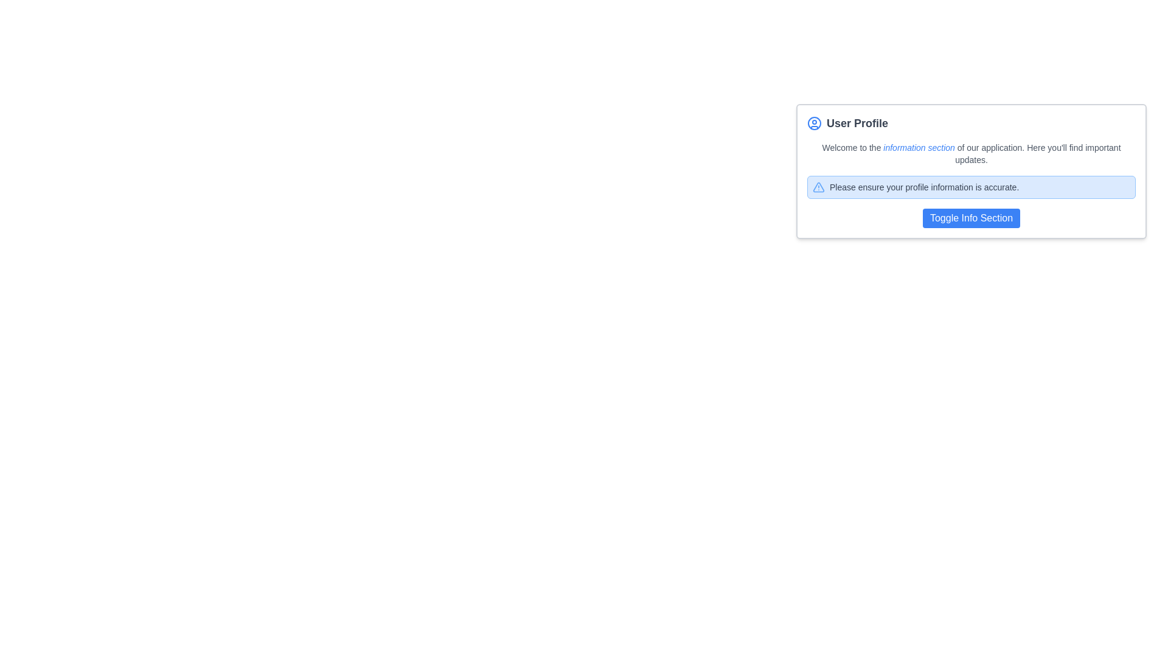 The height and width of the screenshot is (657, 1168). I want to click on the outer circle of the user profile icon, which is blue in color and located at the top-left corner of the 'User Profile' section, so click(815, 123).